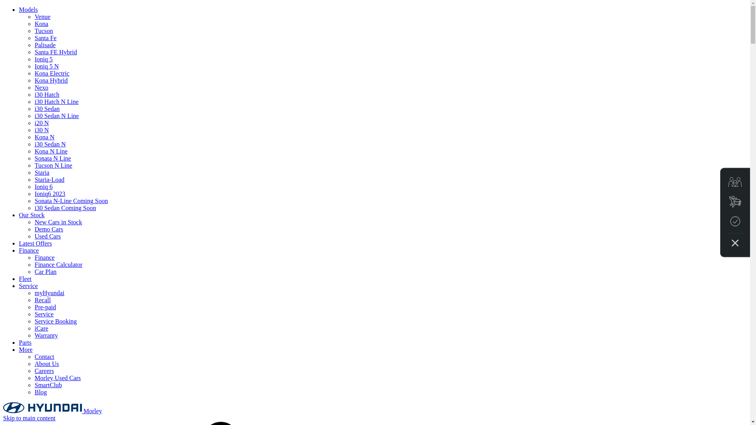 Image resolution: width=756 pixels, height=425 pixels. I want to click on 'Santa Fe', so click(34, 38).